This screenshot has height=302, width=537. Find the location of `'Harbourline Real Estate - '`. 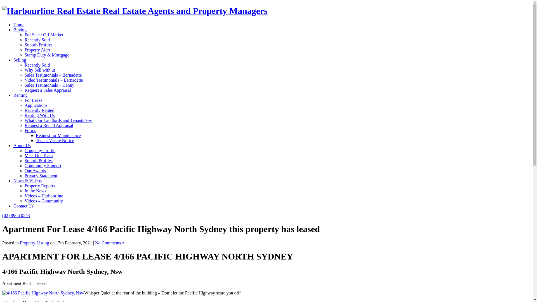

'Harbourline Real Estate - ' is located at coordinates (135, 11).